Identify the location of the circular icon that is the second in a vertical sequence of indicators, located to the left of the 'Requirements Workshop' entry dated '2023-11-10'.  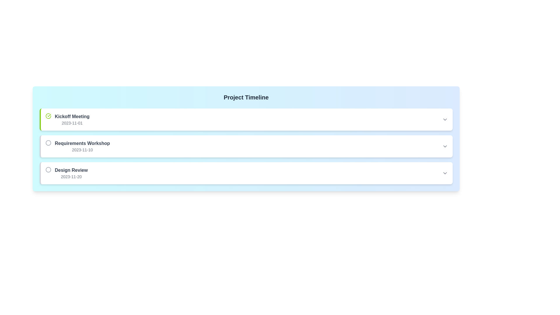
(48, 143).